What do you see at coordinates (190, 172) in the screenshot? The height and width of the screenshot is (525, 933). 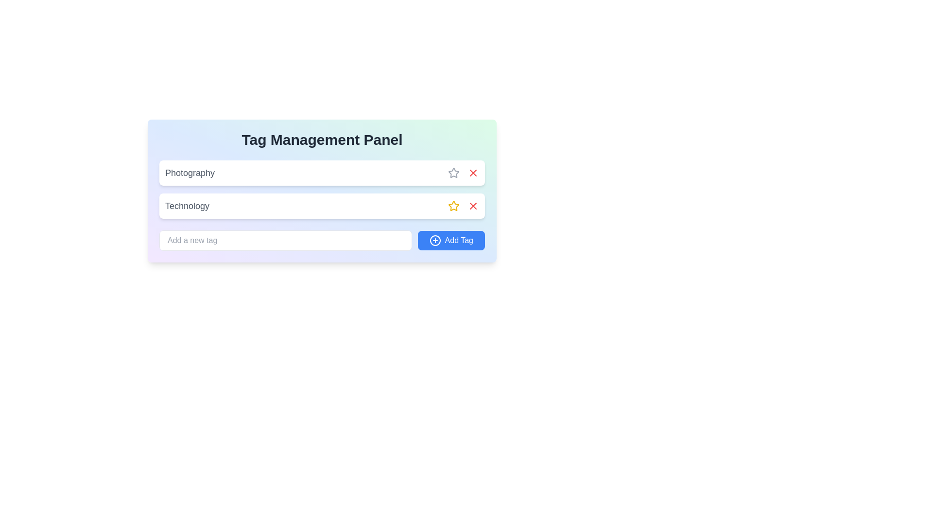 I see `the first tag label in the Tag Management Panel, which is positioned above the item labeled 'Technology'` at bounding box center [190, 172].